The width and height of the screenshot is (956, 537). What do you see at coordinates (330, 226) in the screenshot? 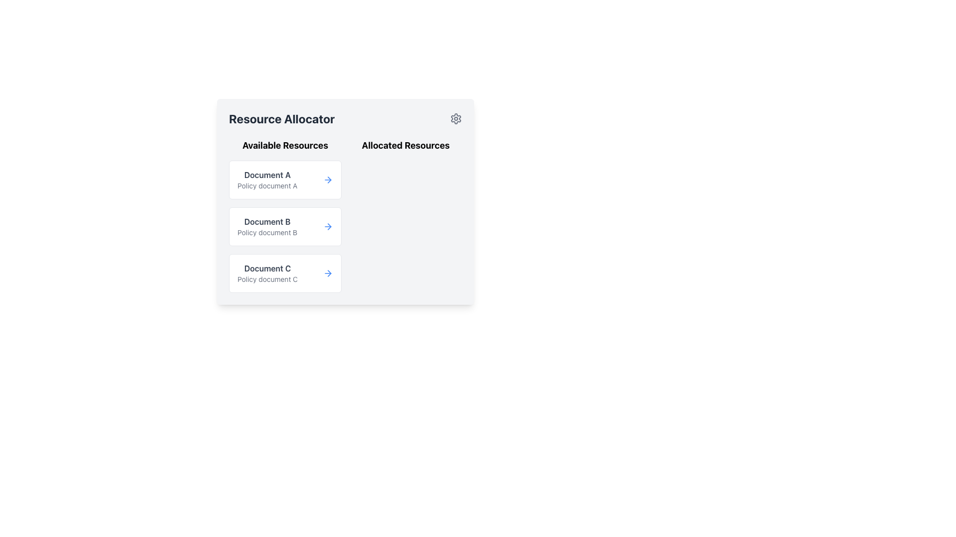
I see `the rightward-pointing arrow icon located next to 'Document B' in the 'Available Resources' section` at bounding box center [330, 226].